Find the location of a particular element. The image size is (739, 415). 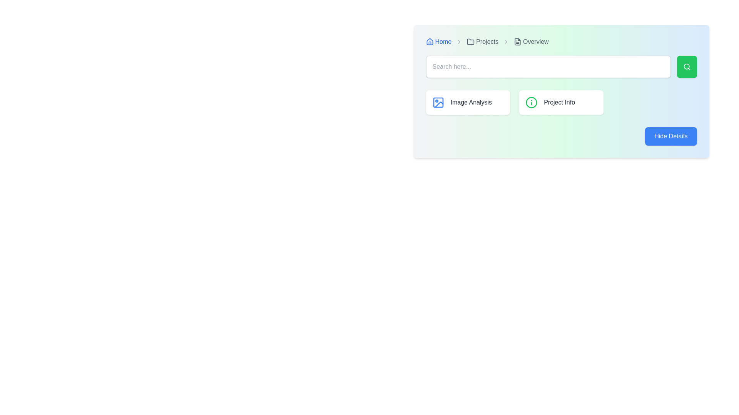

the first button-like card element in the grid layout is located at coordinates (467, 102).